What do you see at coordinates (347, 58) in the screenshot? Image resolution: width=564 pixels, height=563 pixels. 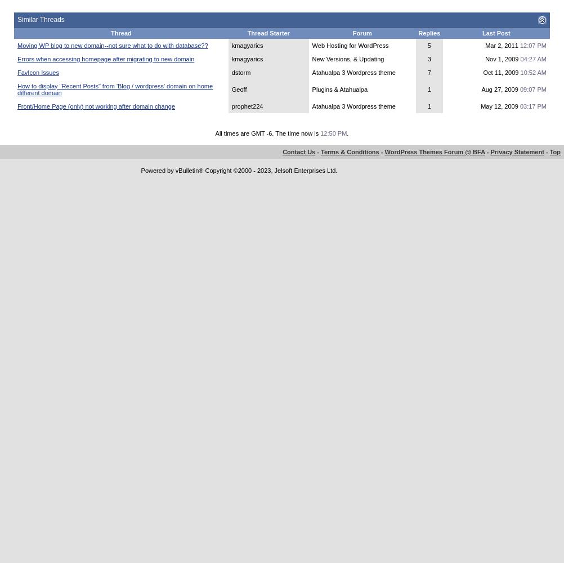 I see `'New Versions, & Updating'` at bounding box center [347, 58].